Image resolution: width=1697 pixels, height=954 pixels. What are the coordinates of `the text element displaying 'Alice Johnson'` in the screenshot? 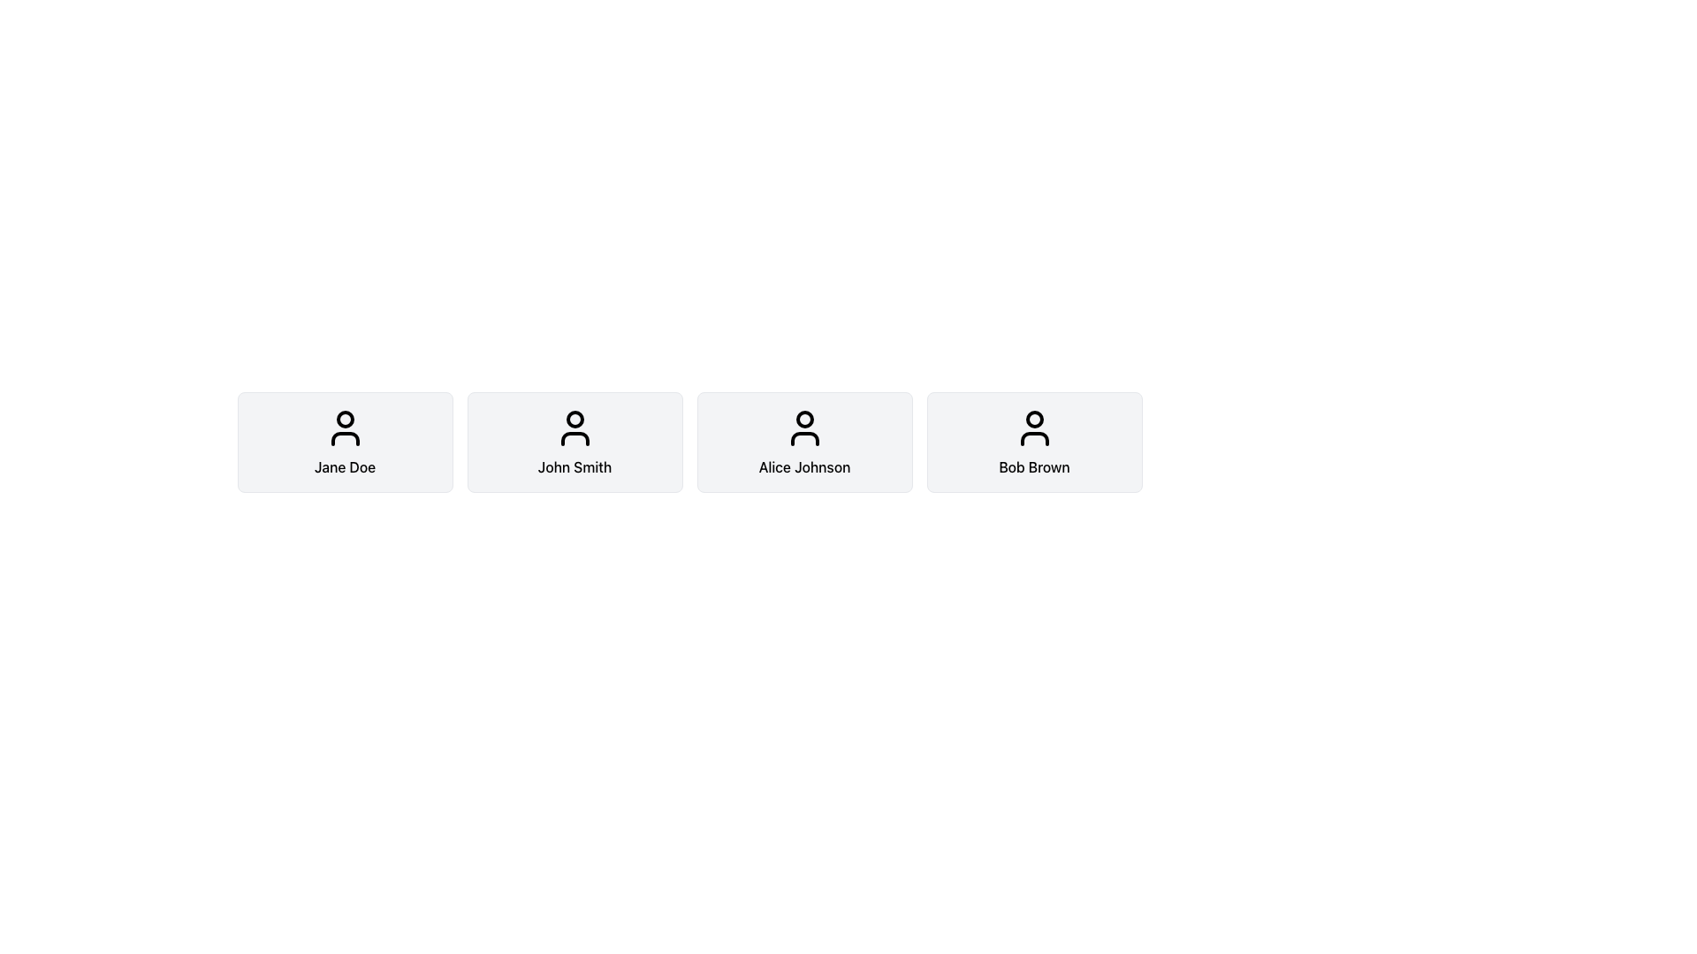 It's located at (803, 466).